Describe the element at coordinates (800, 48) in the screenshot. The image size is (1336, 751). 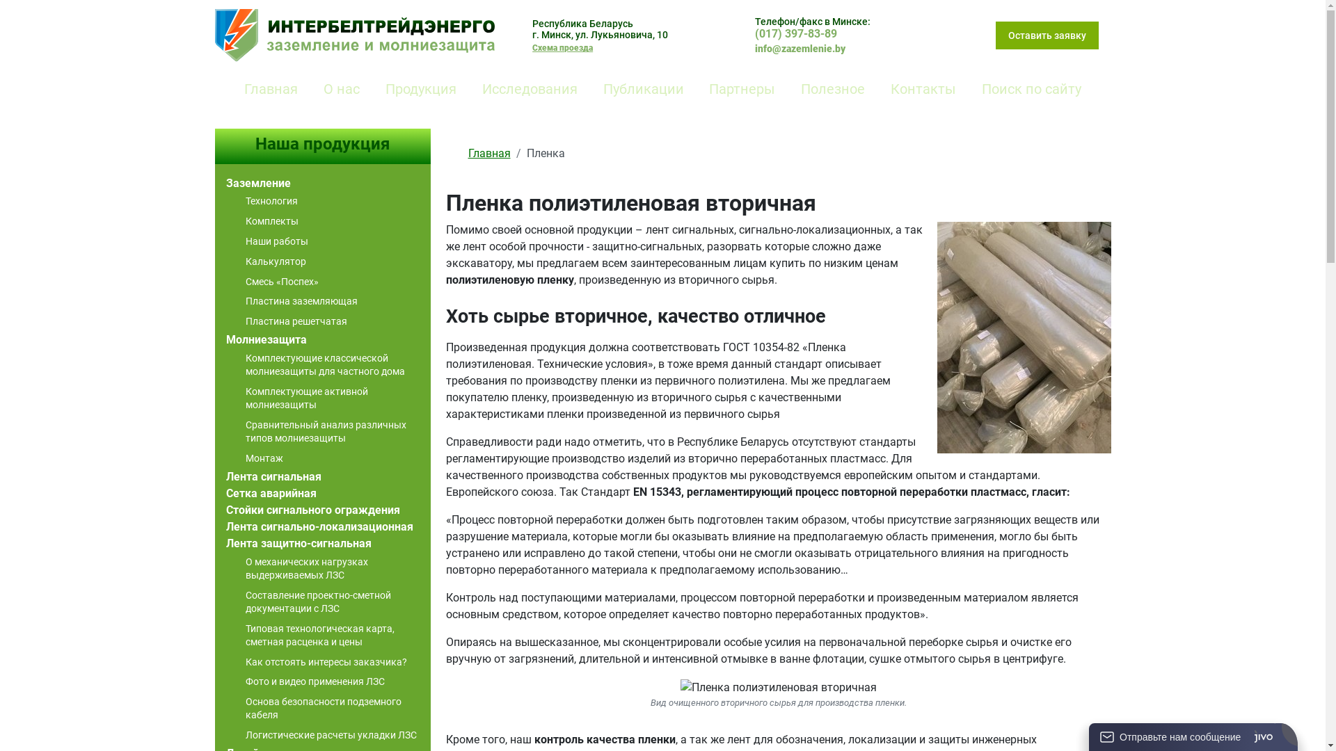
I see `'info@zazemlenie.by'` at that location.